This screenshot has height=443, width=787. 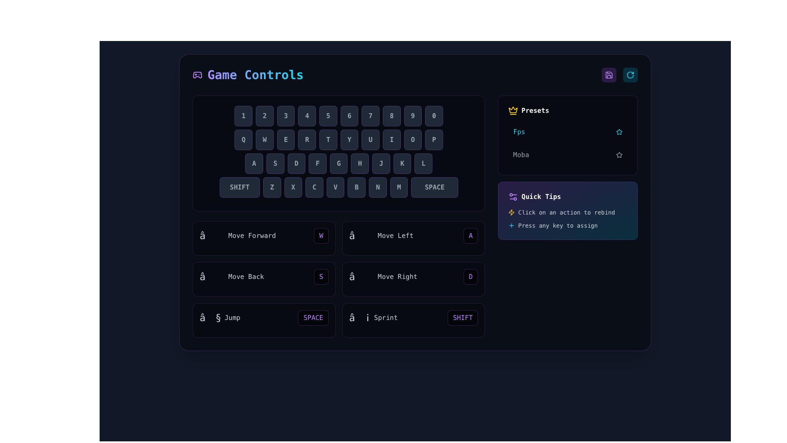 What do you see at coordinates (567, 218) in the screenshot?
I see `the Instructional Text Group located under the title 'Quick Tips', which provides guidance for user interaction with controls or settings` at bounding box center [567, 218].